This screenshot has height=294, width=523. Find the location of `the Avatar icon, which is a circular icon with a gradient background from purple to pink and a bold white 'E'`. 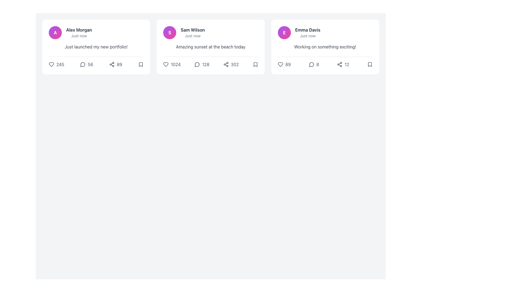

the Avatar icon, which is a circular icon with a gradient background from purple to pink and a bold white 'E' is located at coordinates (284, 32).